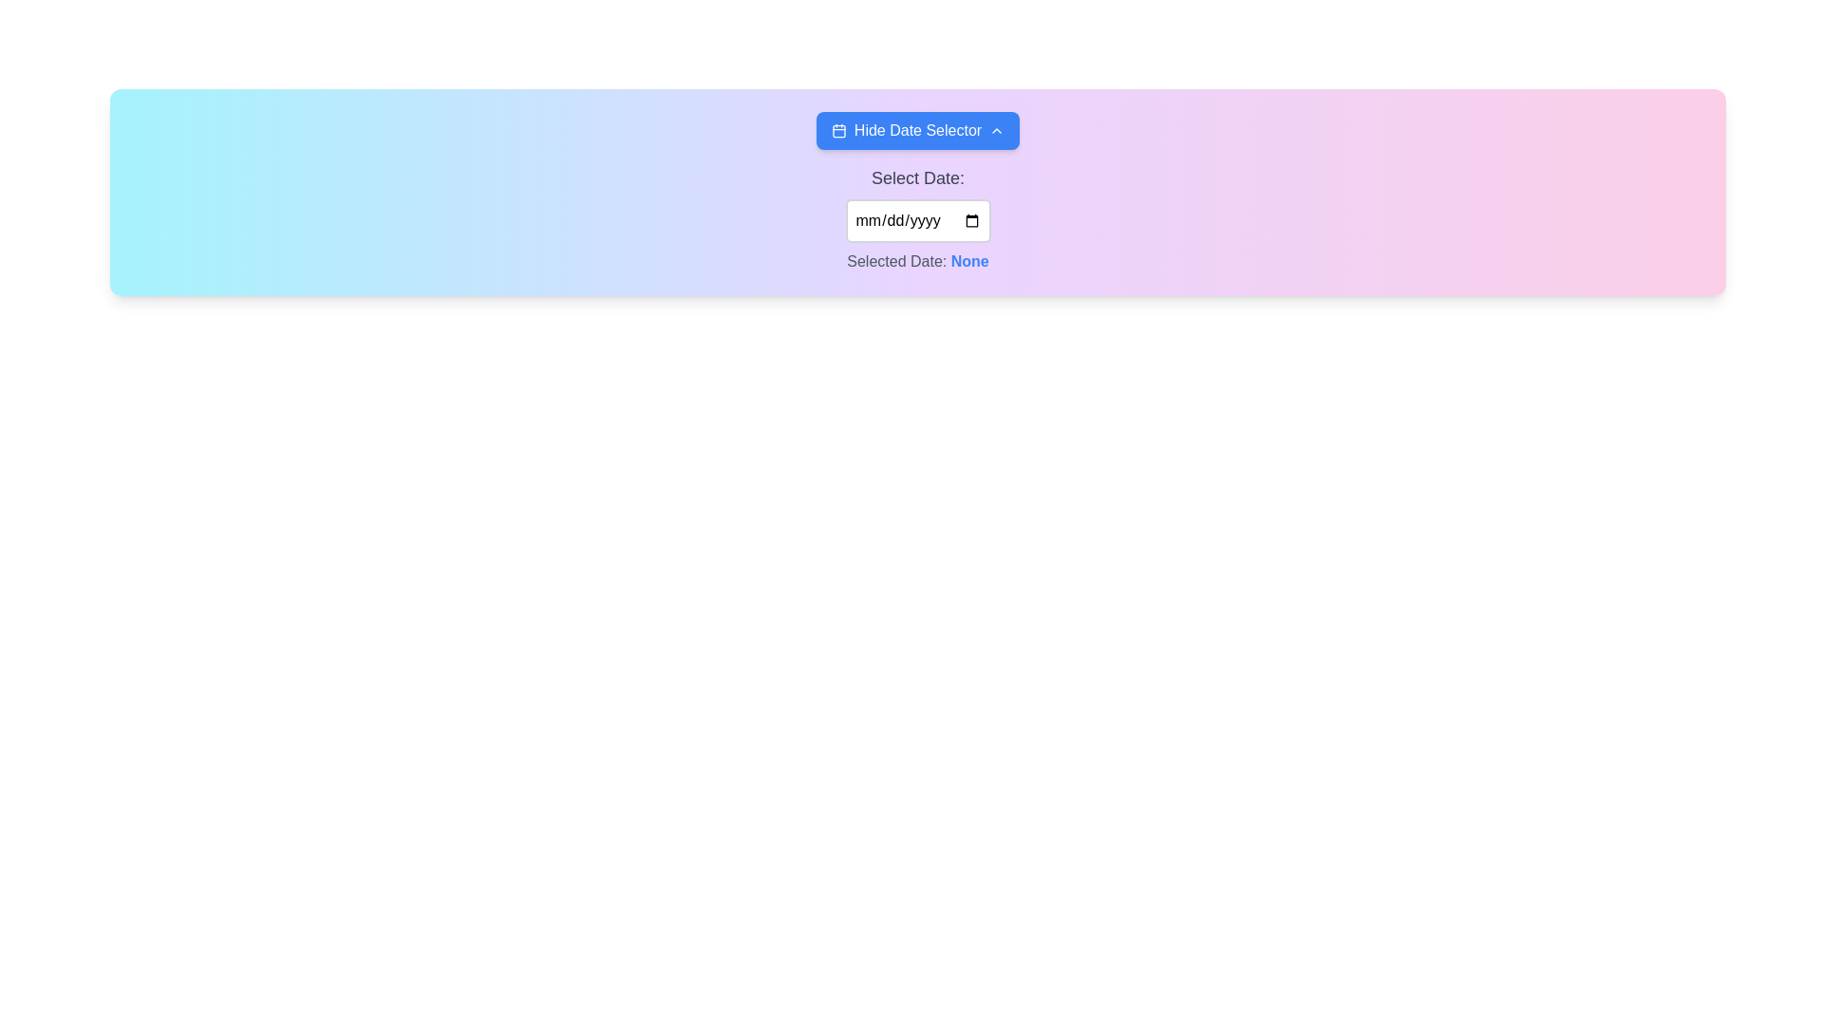  What do you see at coordinates (837, 130) in the screenshot?
I see `the calendar icon located to the left of the 'Hide Date Selector' text within the blue button at the top of the interface` at bounding box center [837, 130].